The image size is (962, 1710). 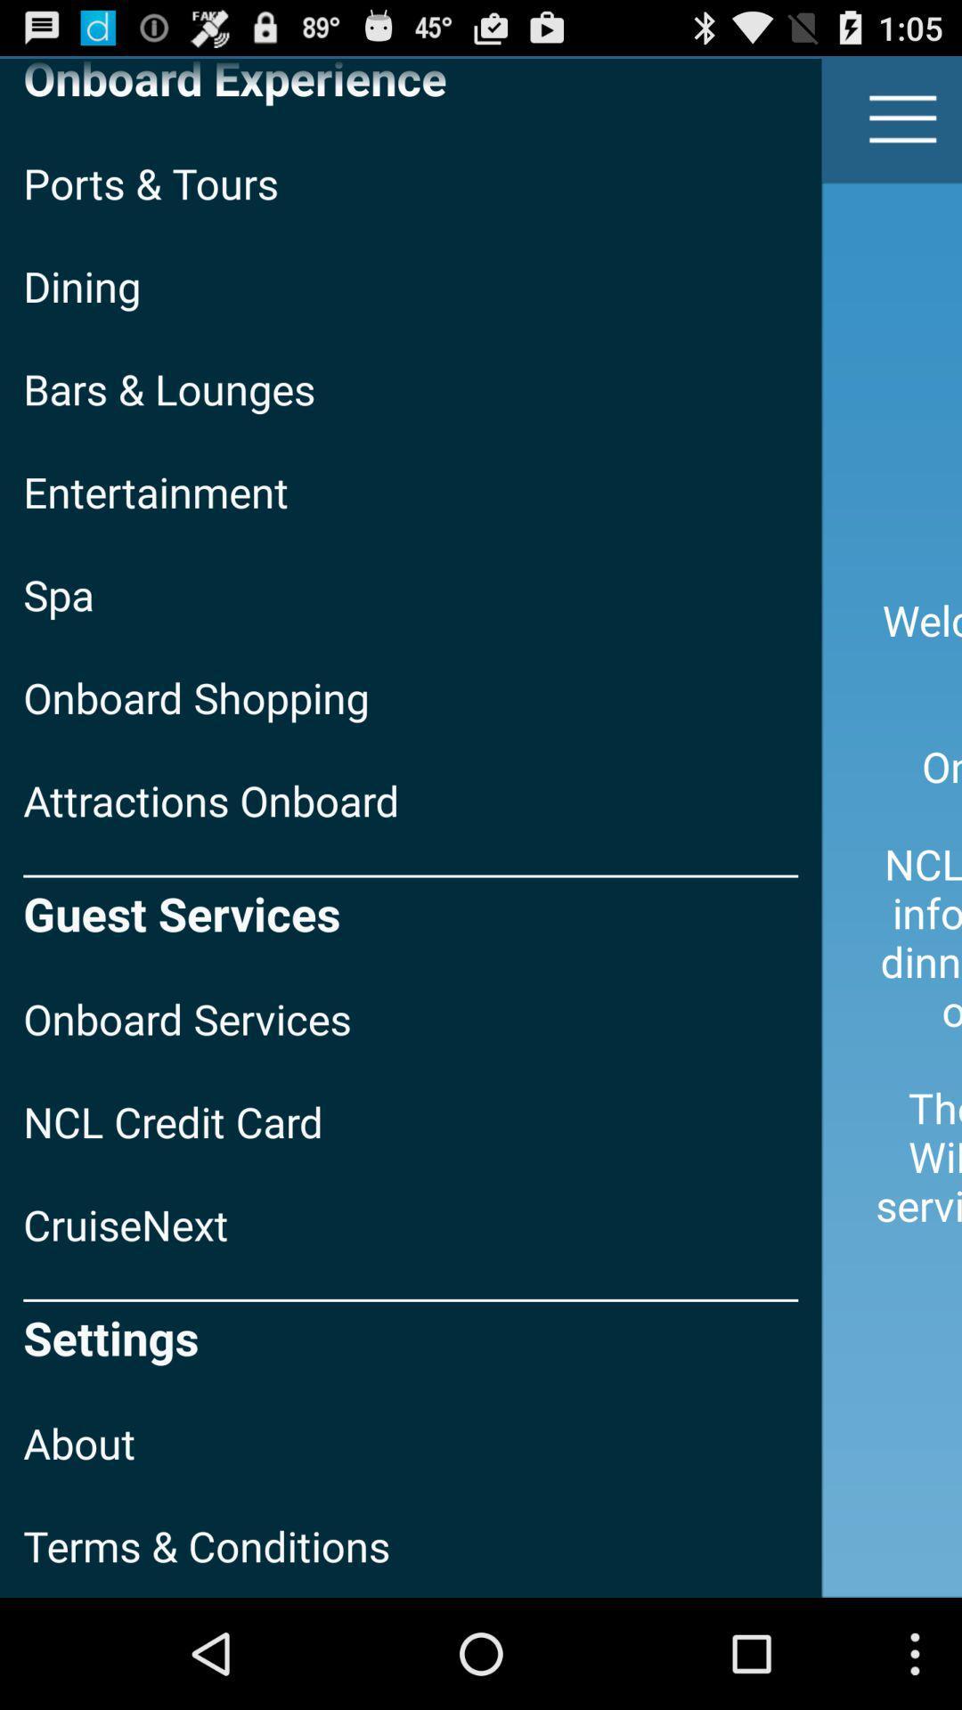 I want to click on the item to the right of the onboard experience item, so click(x=903, y=118).